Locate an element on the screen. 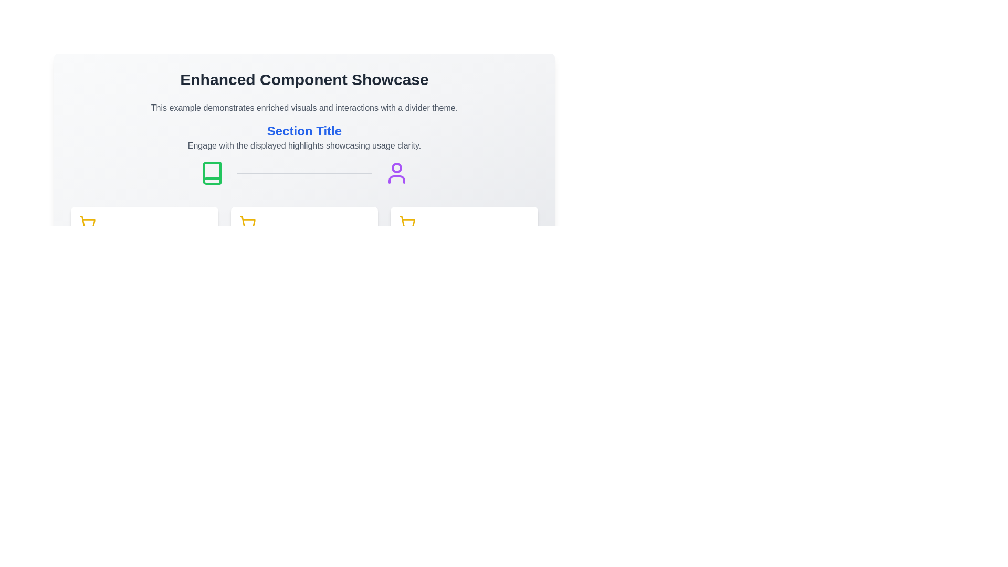  the second item card in the list labeled 'Item Two' is located at coordinates (304, 240).